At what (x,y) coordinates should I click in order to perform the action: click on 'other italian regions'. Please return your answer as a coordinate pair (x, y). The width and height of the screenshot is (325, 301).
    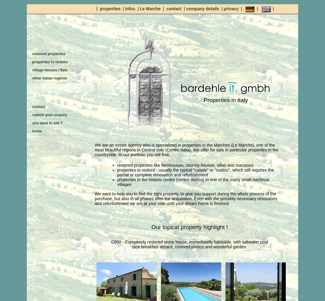
    Looking at the image, I should click on (49, 78).